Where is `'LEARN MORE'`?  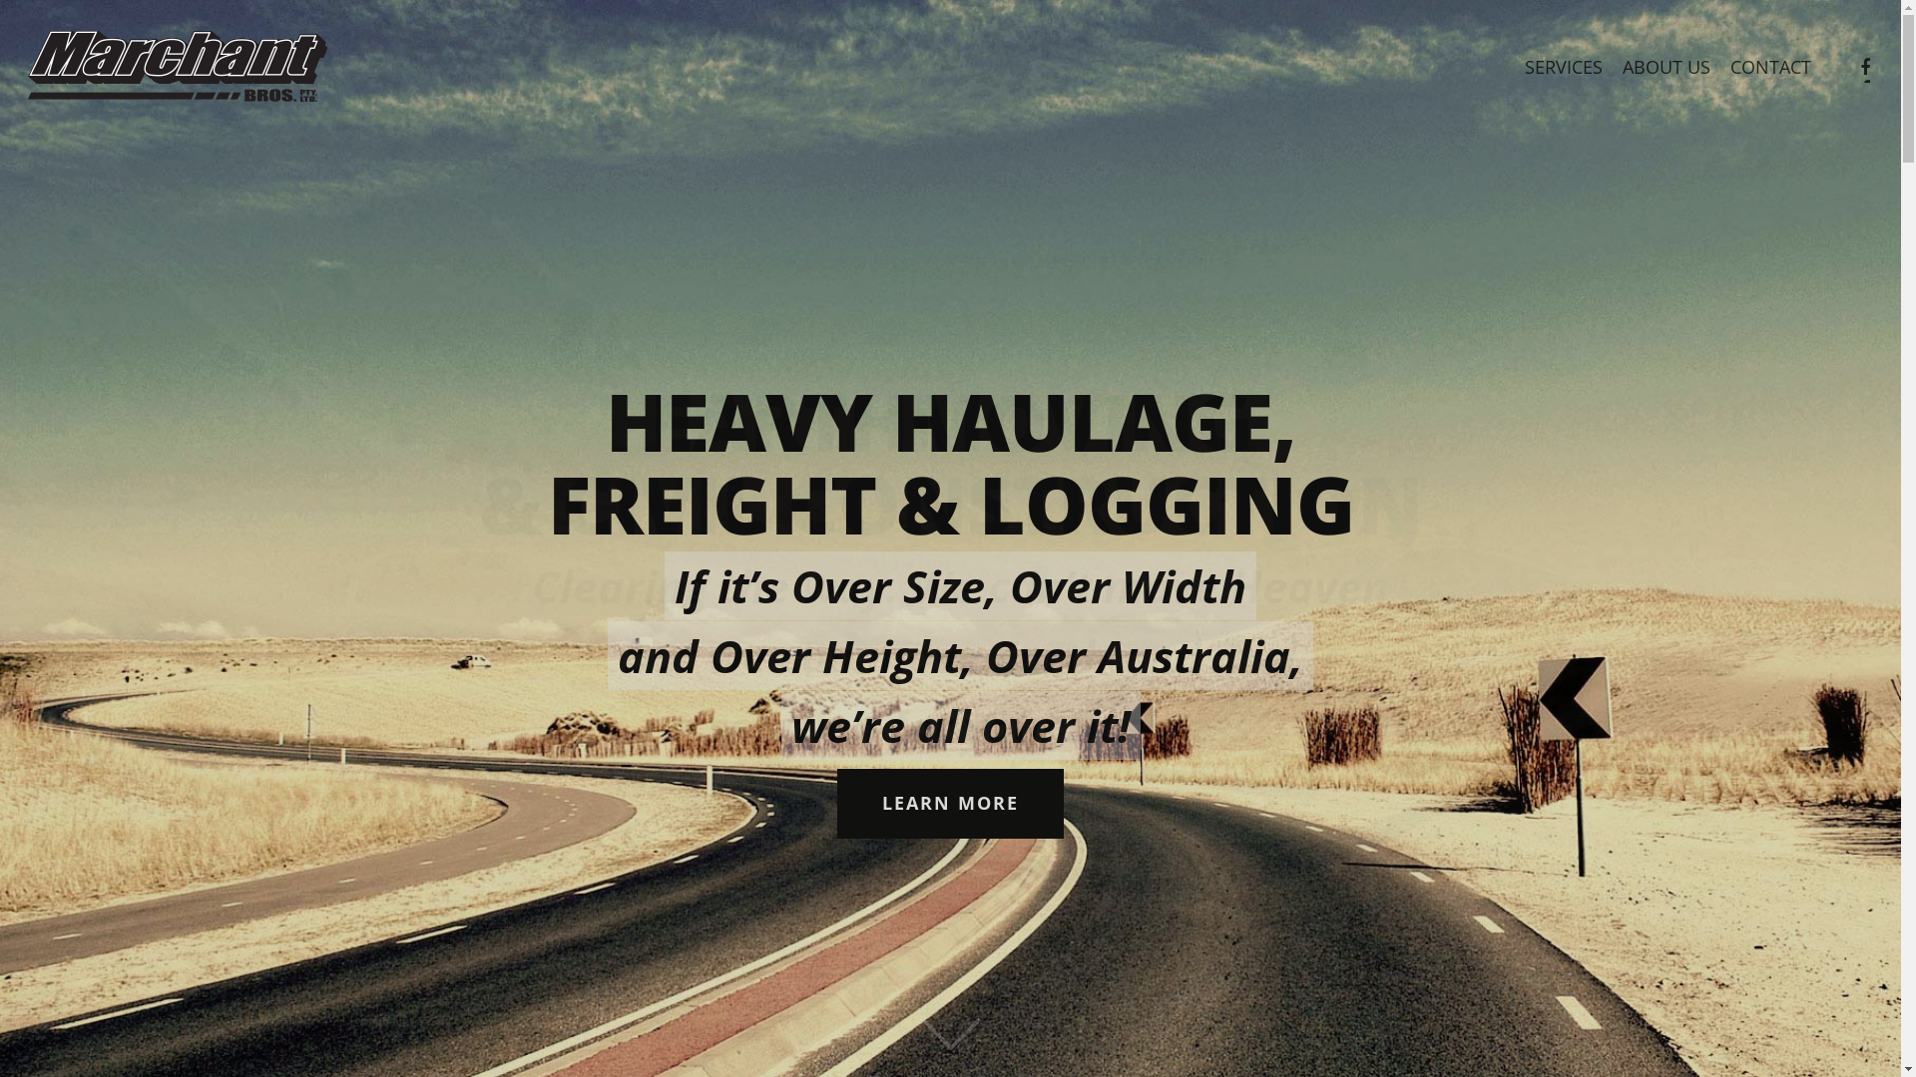
'LEARN MORE' is located at coordinates (949, 803).